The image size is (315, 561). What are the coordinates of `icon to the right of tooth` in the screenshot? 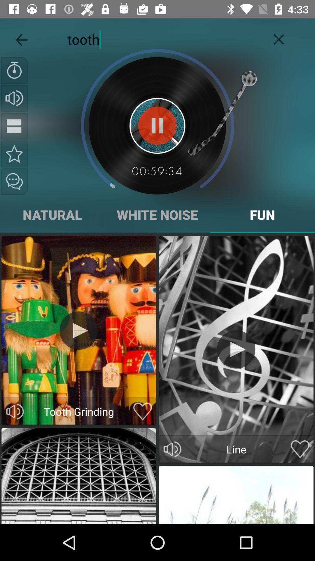 It's located at (278, 38).